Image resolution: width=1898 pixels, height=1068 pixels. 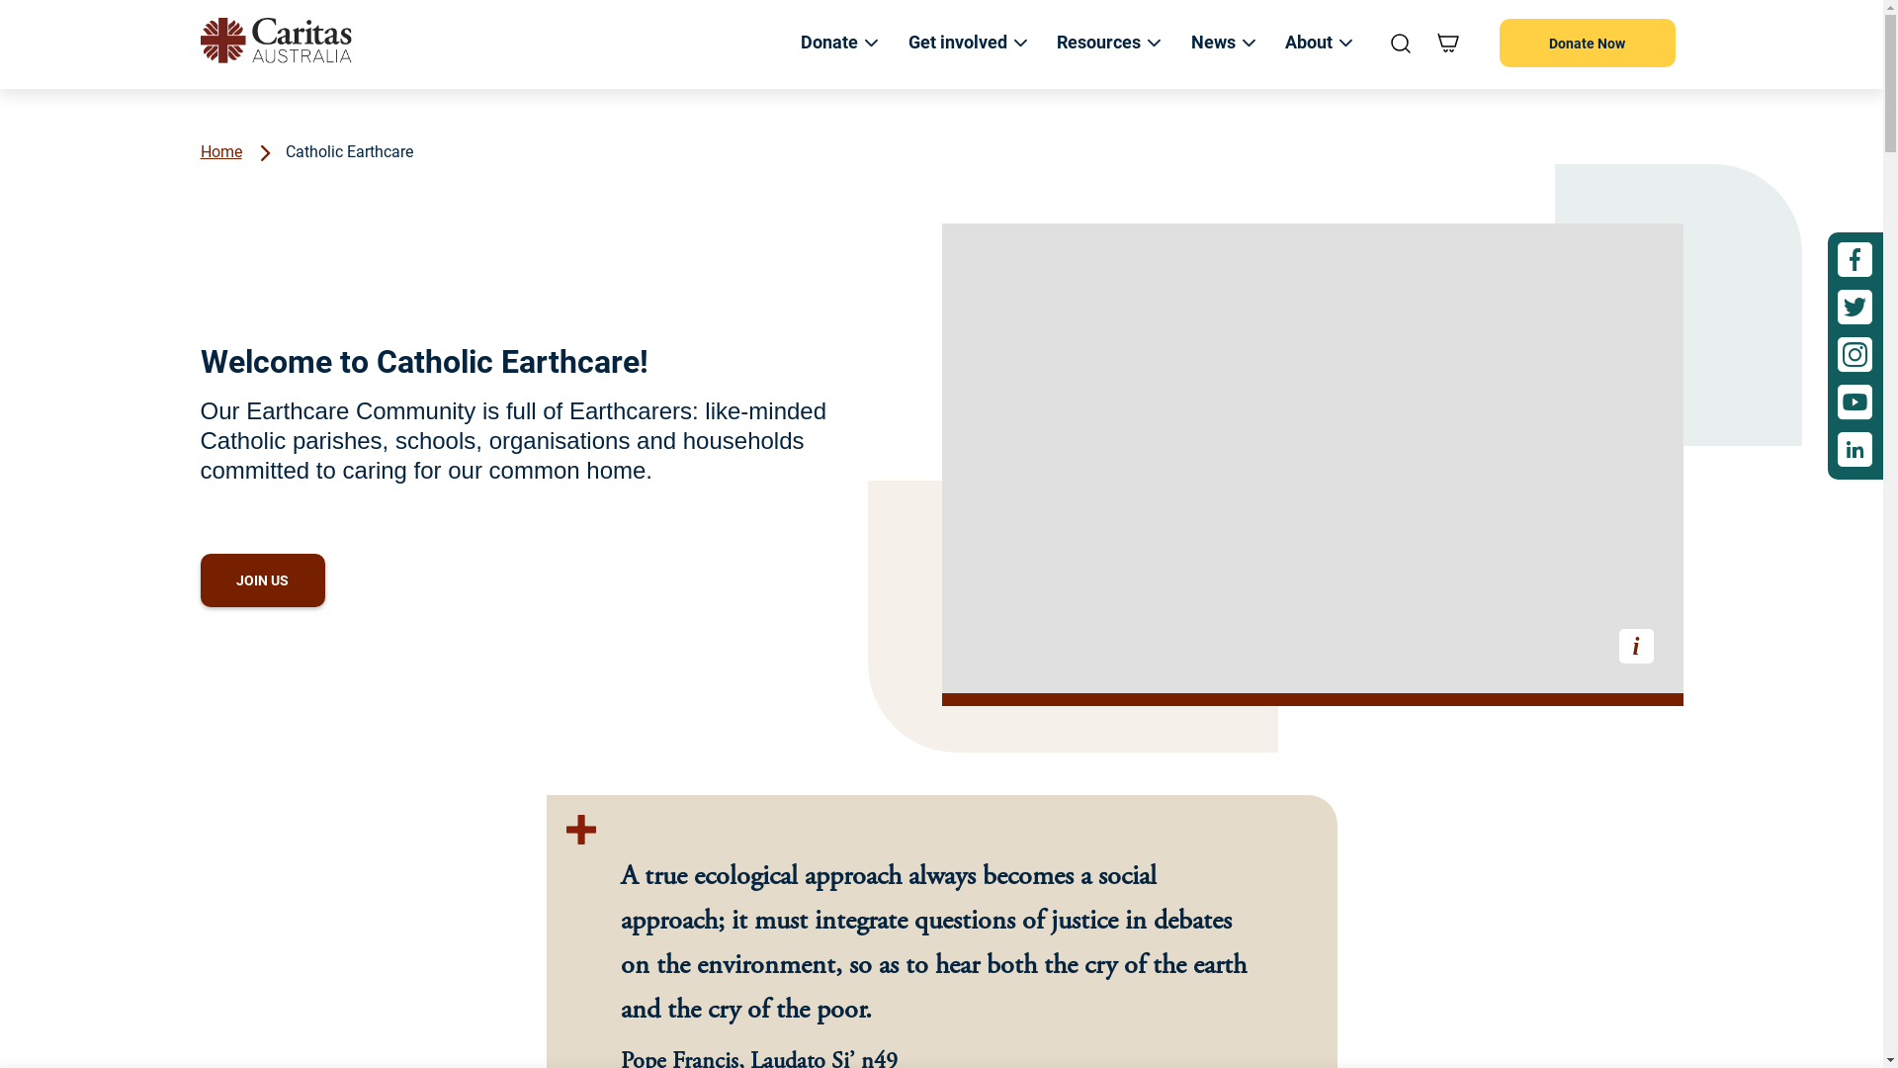 What do you see at coordinates (1586, 43) in the screenshot?
I see `'Donate Now'` at bounding box center [1586, 43].